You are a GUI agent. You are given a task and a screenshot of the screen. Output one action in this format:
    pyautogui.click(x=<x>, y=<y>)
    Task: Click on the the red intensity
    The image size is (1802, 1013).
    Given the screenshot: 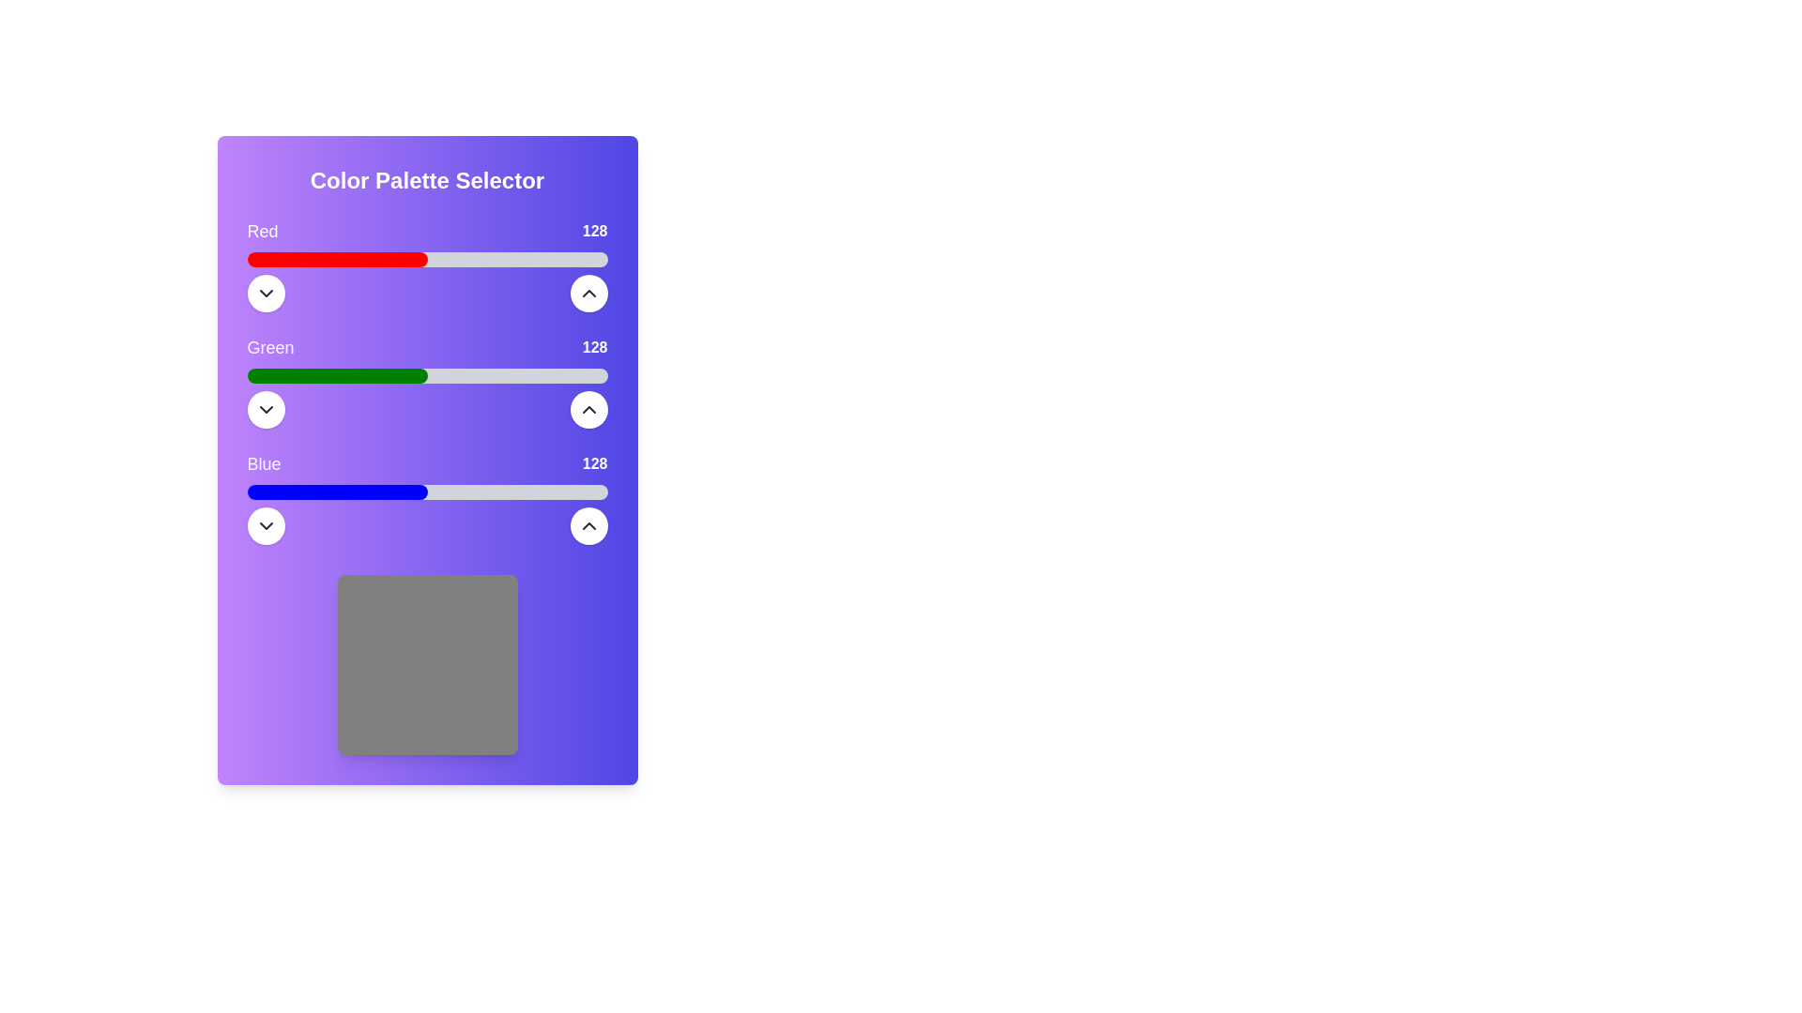 What is the action you would take?
    pyautogui.click(x=513, y=260)
    